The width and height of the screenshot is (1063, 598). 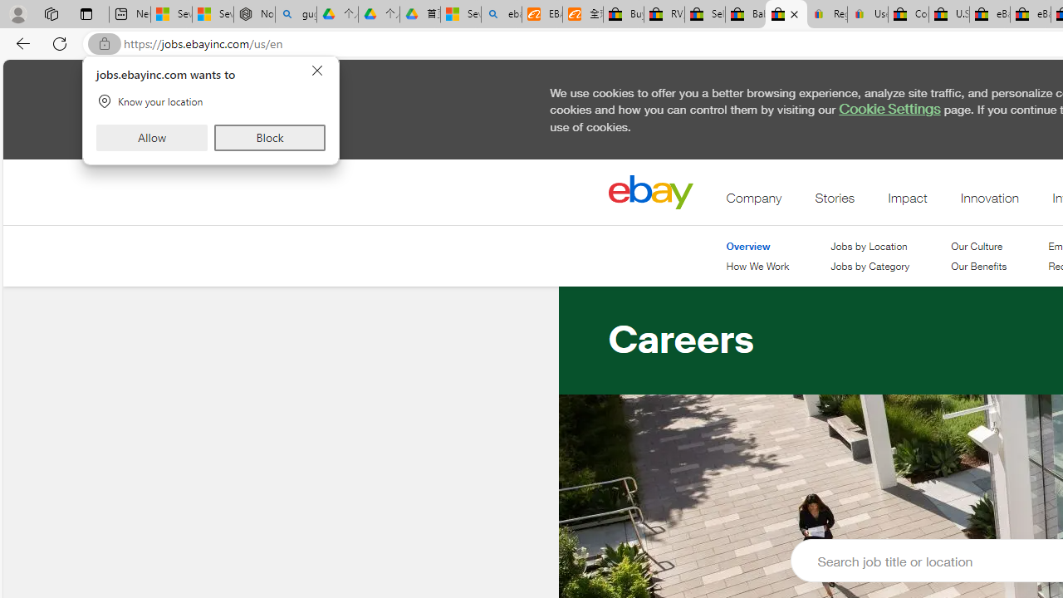 I want to click on 'Cookie Settings', so click(x=889, y=109).